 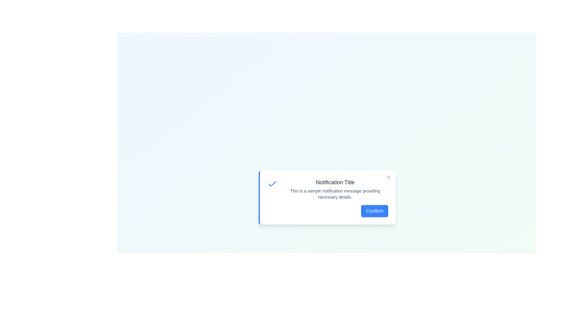 I want to click on the notification message text and copy it to the clipboard, so click(x=282, y=187).